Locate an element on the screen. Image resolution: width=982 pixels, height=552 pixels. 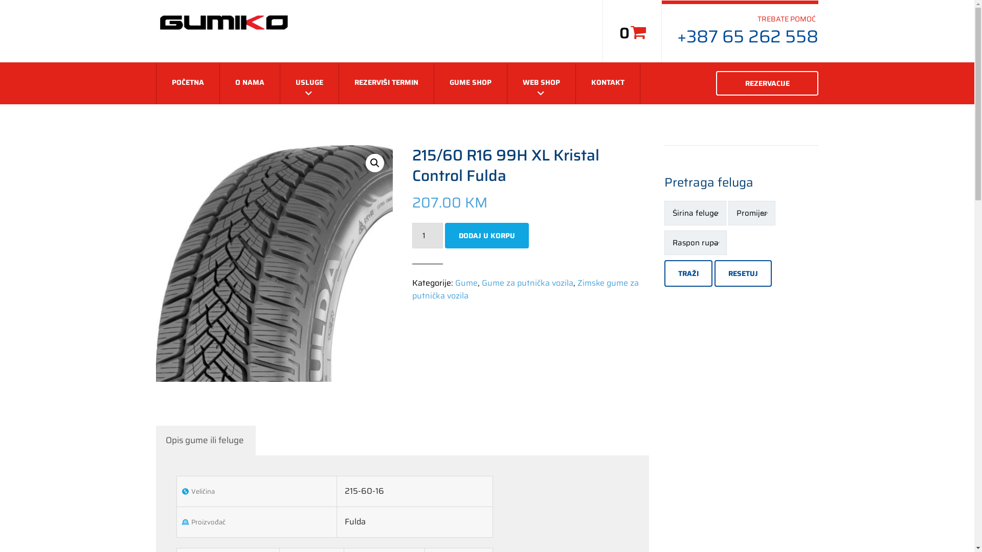
'Gume' is located at coordinates (466, 283).